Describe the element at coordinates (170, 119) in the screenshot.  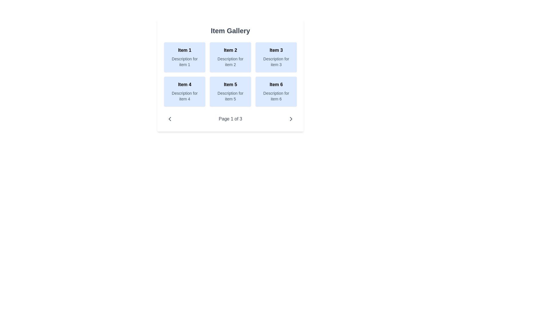
I see `the left-facing chevron icon button located to the left of the pagination text 'Page 1 of 3'` at that location.